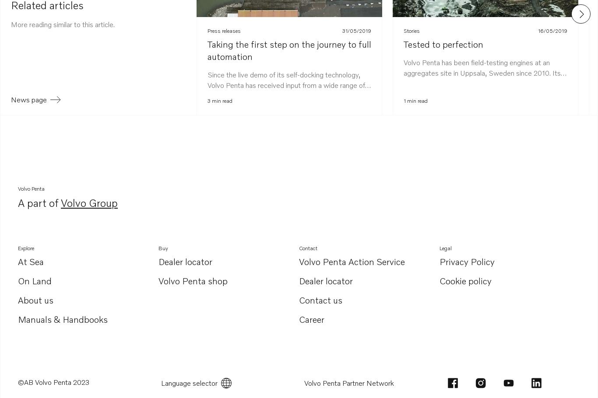 This screenshot has width=598, height=398. I want to click on 'A part of', so click(39, 202).